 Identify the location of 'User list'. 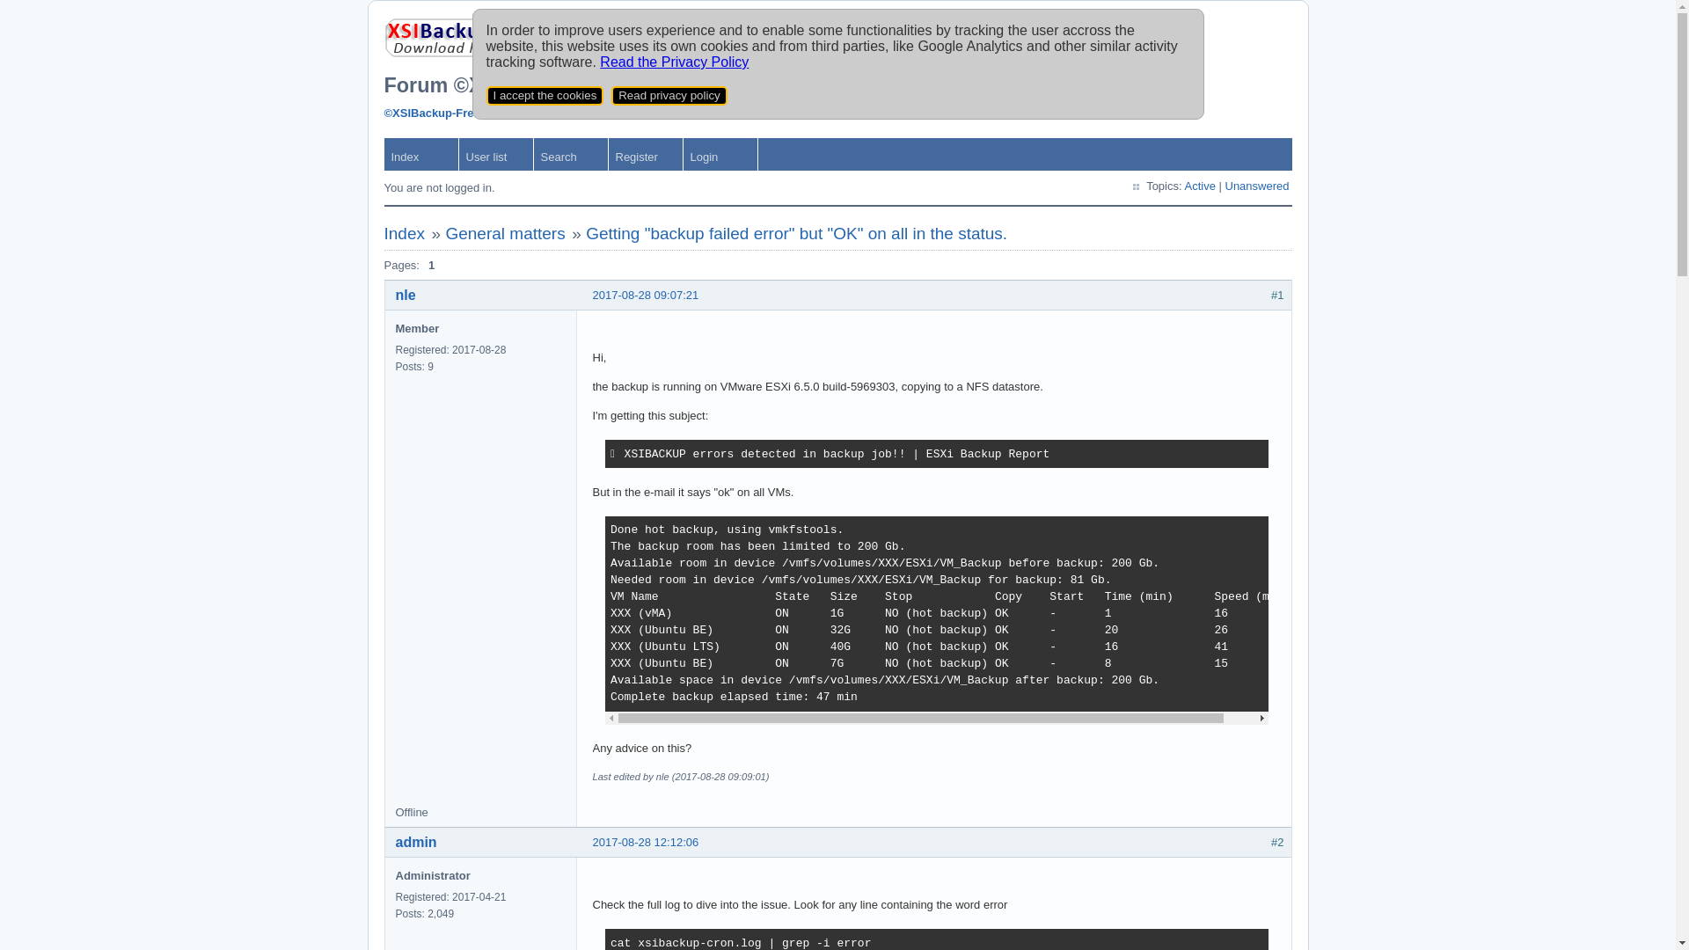
(495, 153).